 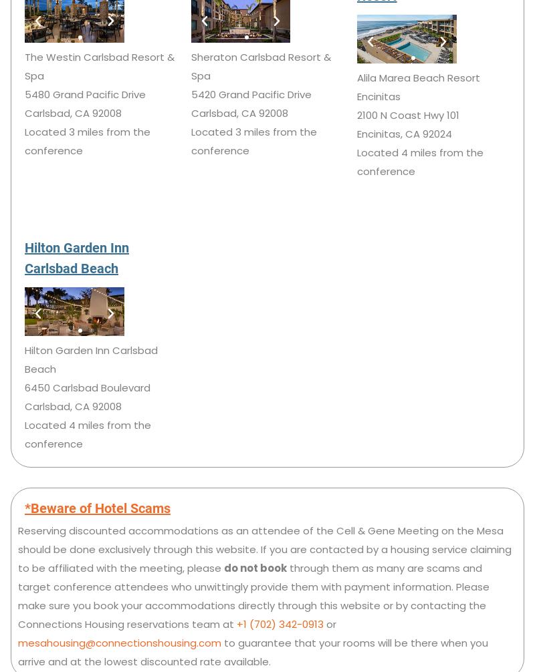 What do you see at coordinates (87, 387) in the screenshot?
I see `'6450 Carlsbad Boulevard'` at bounding box center [87, 387].